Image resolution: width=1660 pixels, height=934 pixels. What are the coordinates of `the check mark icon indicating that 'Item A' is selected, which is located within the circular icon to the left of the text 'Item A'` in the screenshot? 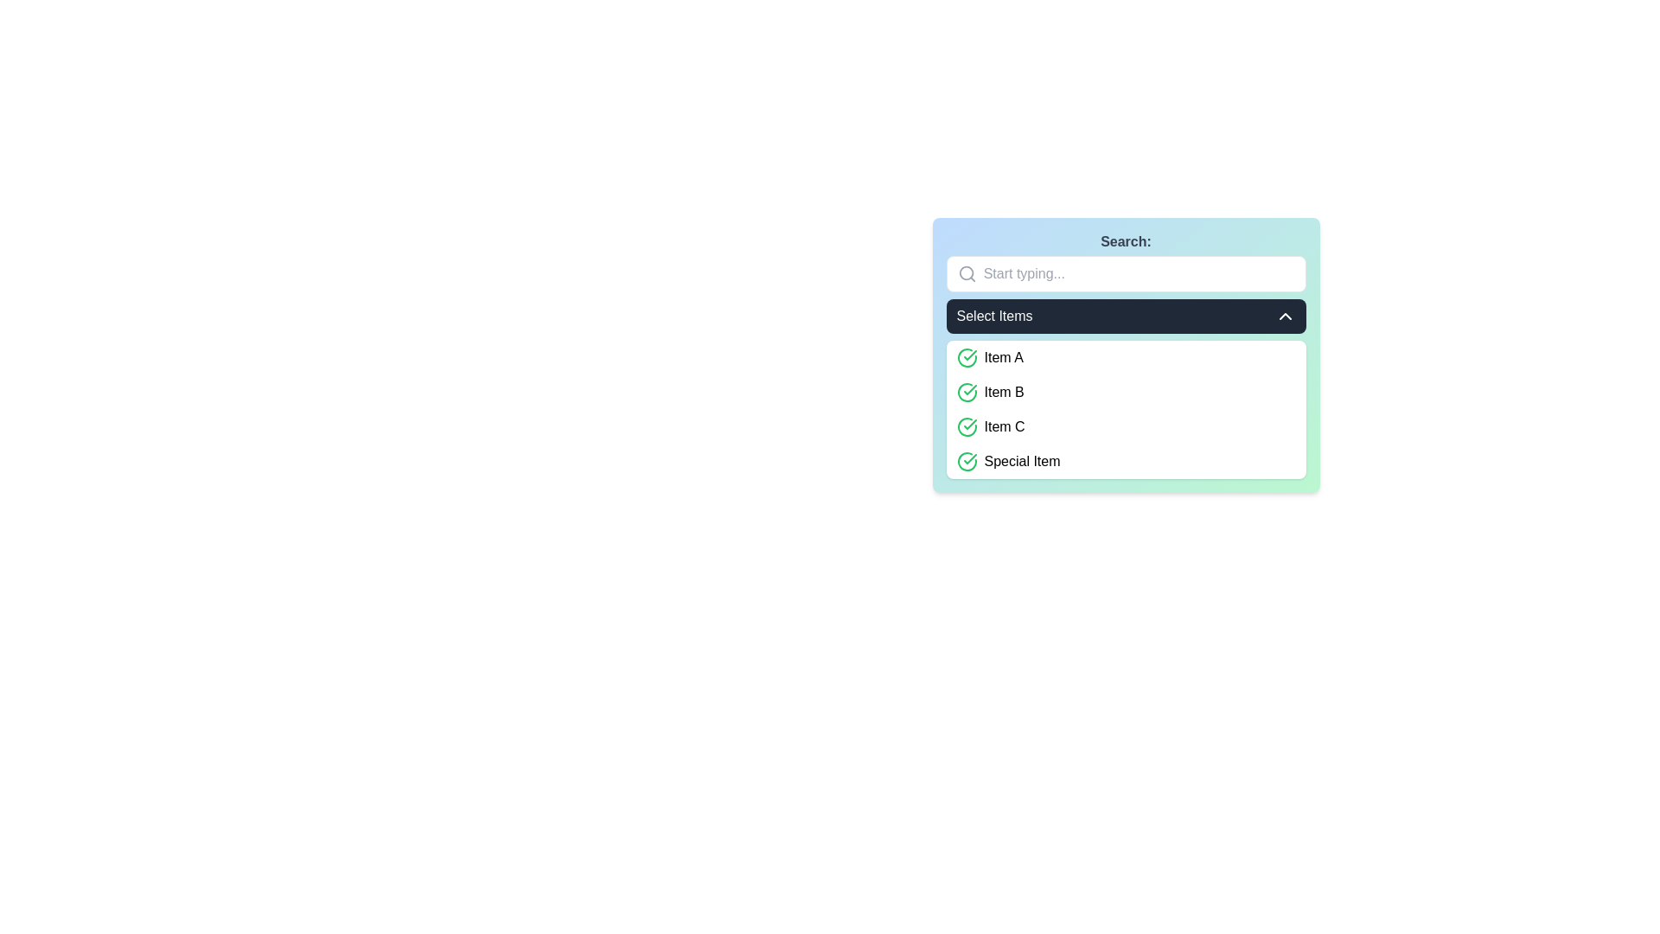 It's located at (970, 390).